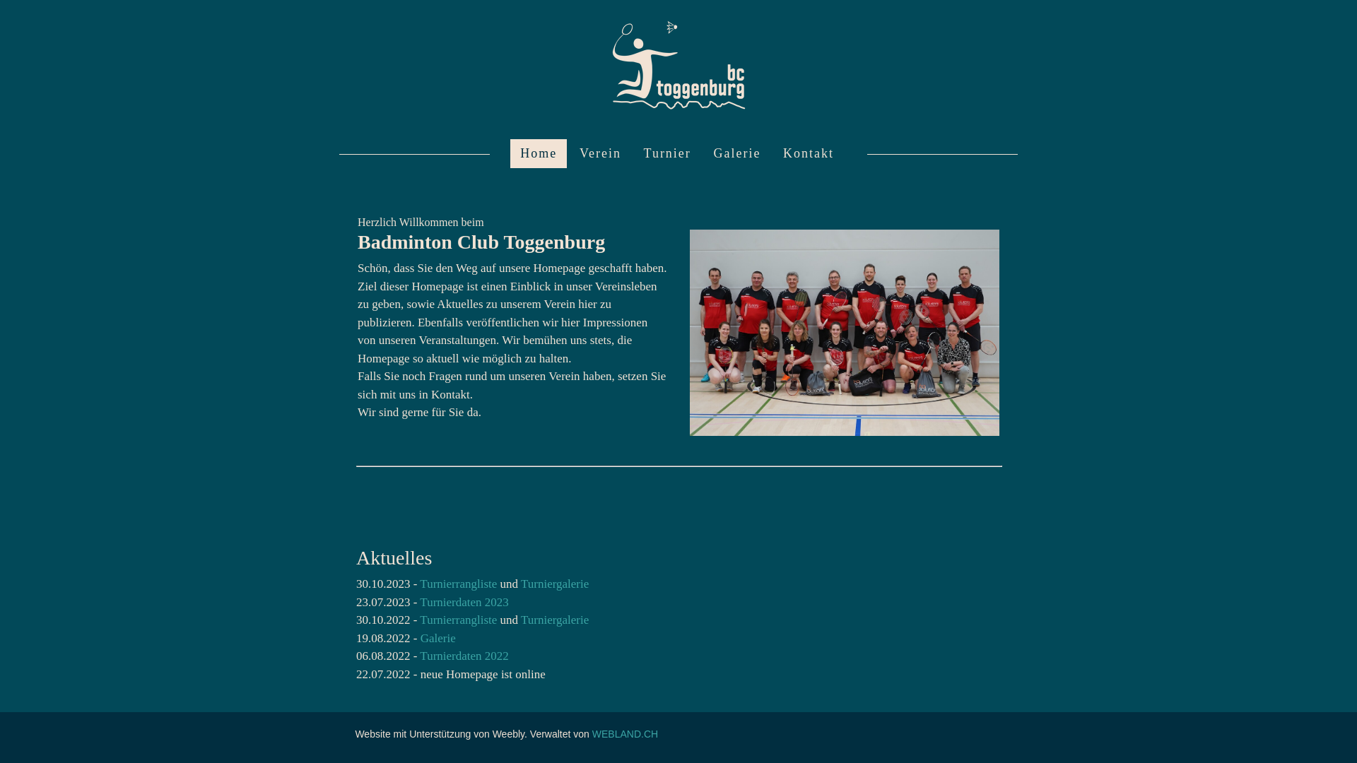  What do you see at coordinates (464, 602) in the screenshot?
I see `'Turnierdaten 2023'` at bounding box center [464, 602].